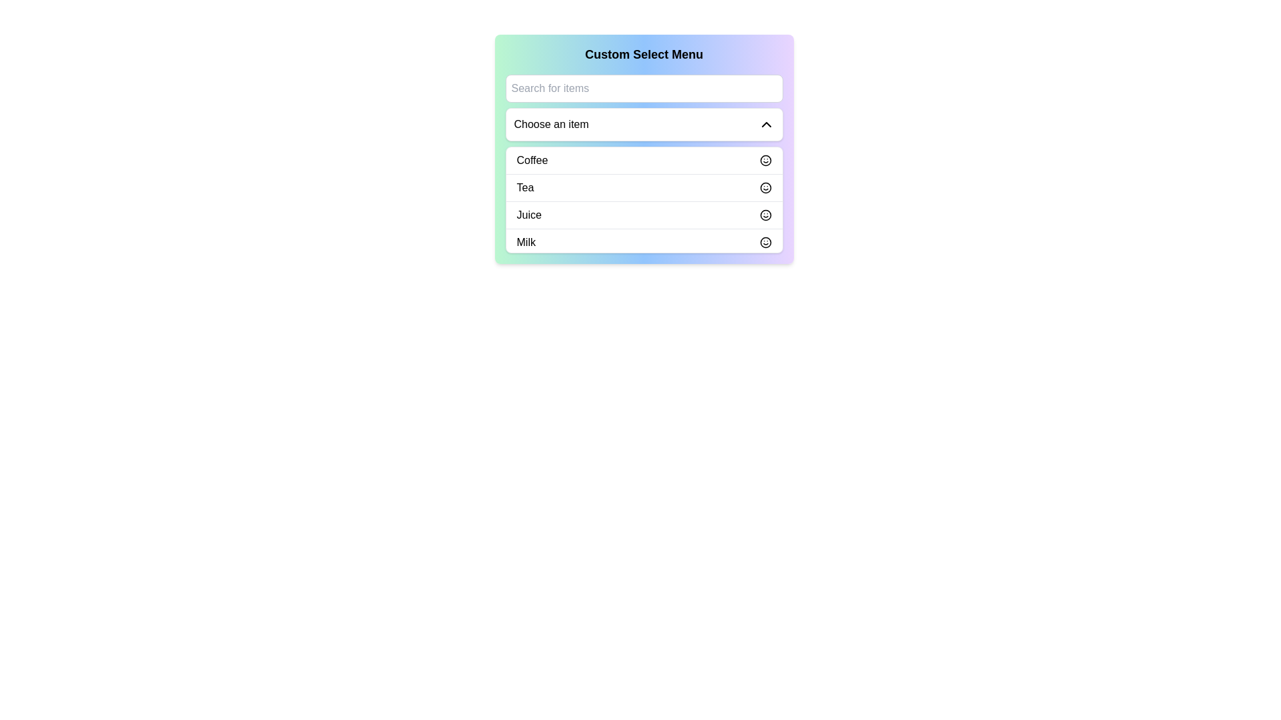  What do you see at coordinates (765, 242) in the screenshot?
I see `the circular smiley face icon located at the far-right side of the 'Milk' list item in the dropdown menu` at bounding box center [765, 242].